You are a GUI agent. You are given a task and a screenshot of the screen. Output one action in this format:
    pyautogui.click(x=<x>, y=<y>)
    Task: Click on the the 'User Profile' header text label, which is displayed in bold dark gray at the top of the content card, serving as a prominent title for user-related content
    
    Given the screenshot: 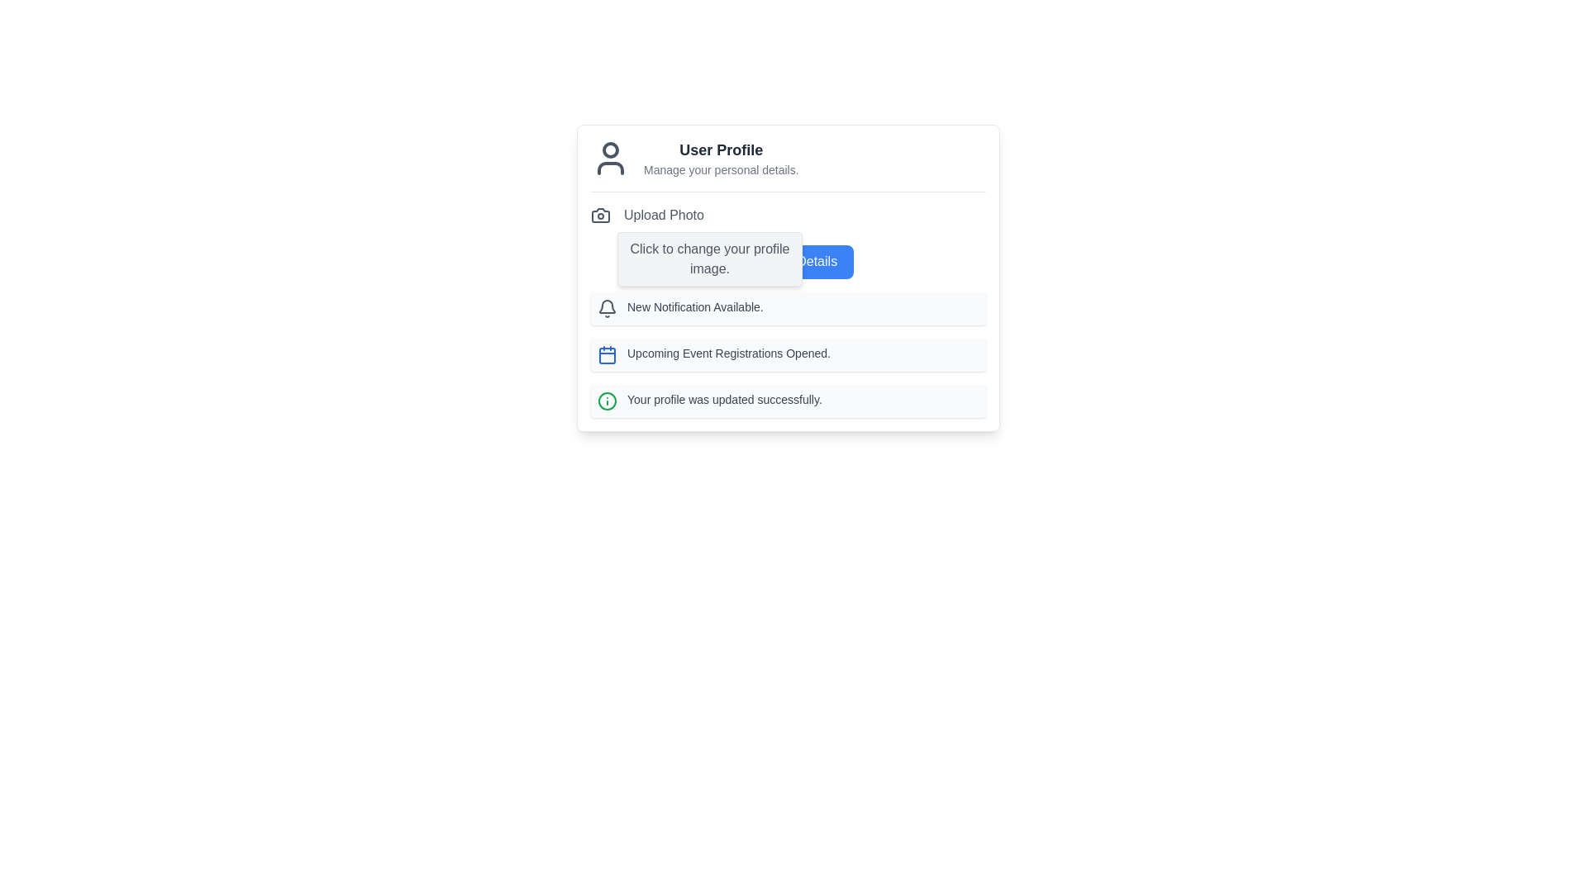 What is the action you would take?
    pyautogui.click(x=721, y=149)
    